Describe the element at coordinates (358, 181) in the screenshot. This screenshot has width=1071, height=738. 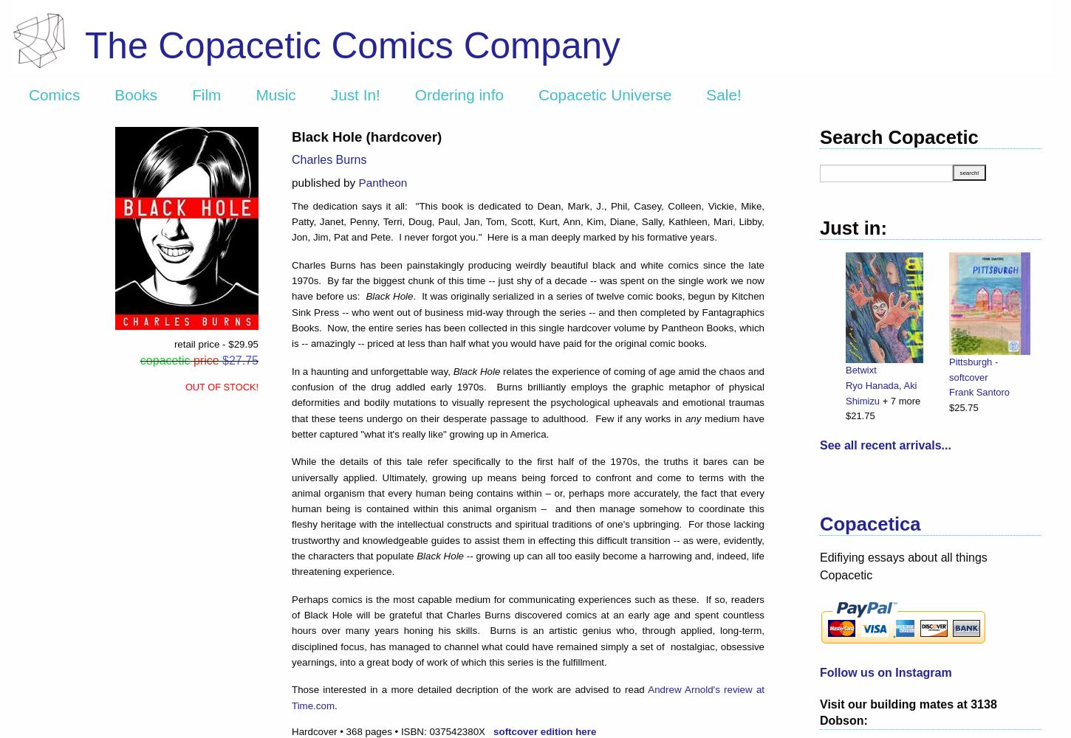
I see `'Pantheon'` at that location.